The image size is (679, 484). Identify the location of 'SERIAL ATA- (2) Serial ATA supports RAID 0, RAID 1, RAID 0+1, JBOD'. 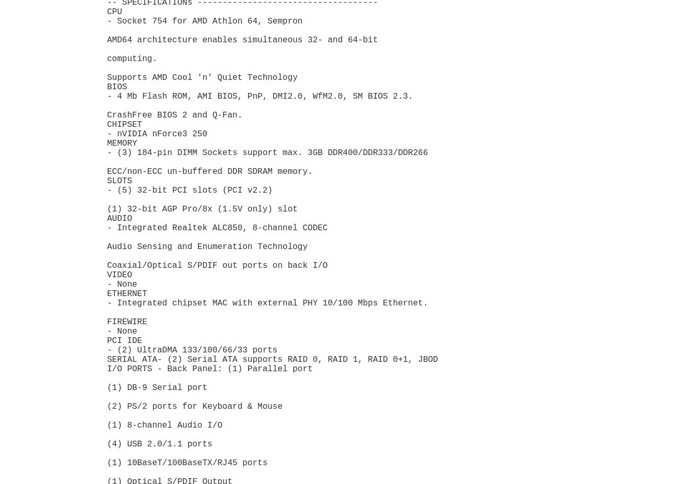
(272, 359).